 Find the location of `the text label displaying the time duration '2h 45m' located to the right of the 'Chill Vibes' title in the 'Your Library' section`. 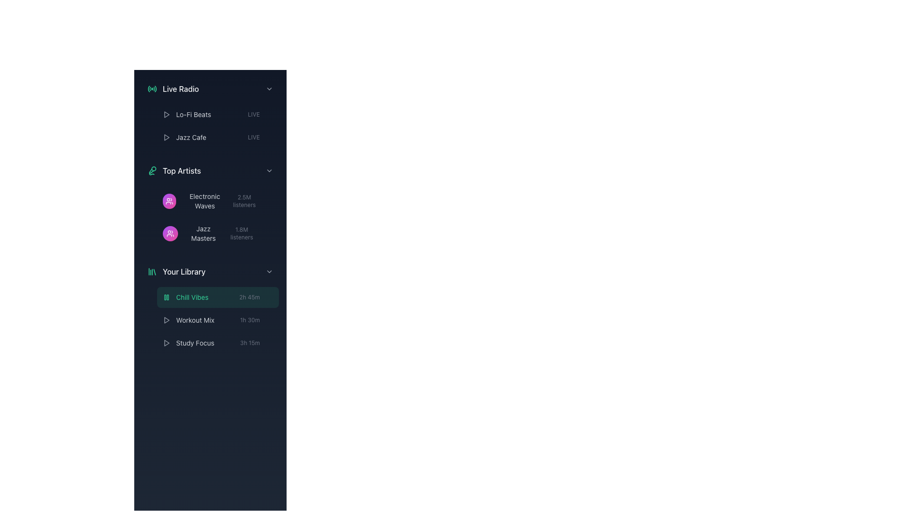

the text label displaying the time duration '2h 45m' located to the right of the 'Chill Vibes' title in the 'Your Library' section is located at coordinates (256, 297).